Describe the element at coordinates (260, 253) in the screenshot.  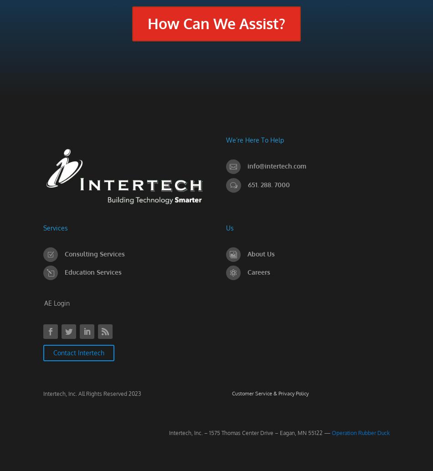
I see `'About Us'` at that location.